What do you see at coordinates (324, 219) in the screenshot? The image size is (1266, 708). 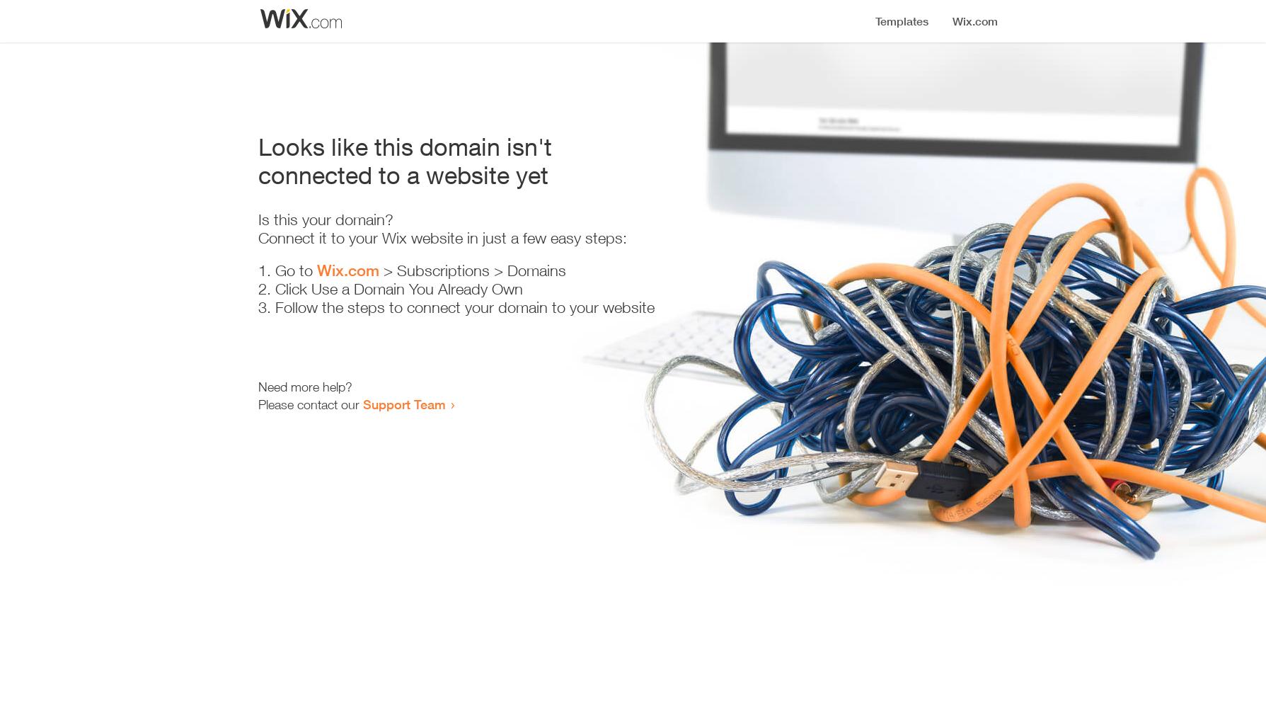 I see `'Is this your domain?'` at bounding box center [324, 219].